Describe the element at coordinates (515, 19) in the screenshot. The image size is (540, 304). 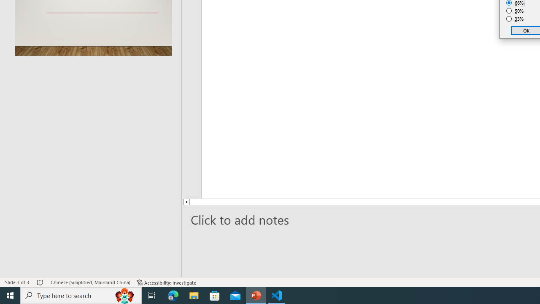
I see `'33%'` at that location.